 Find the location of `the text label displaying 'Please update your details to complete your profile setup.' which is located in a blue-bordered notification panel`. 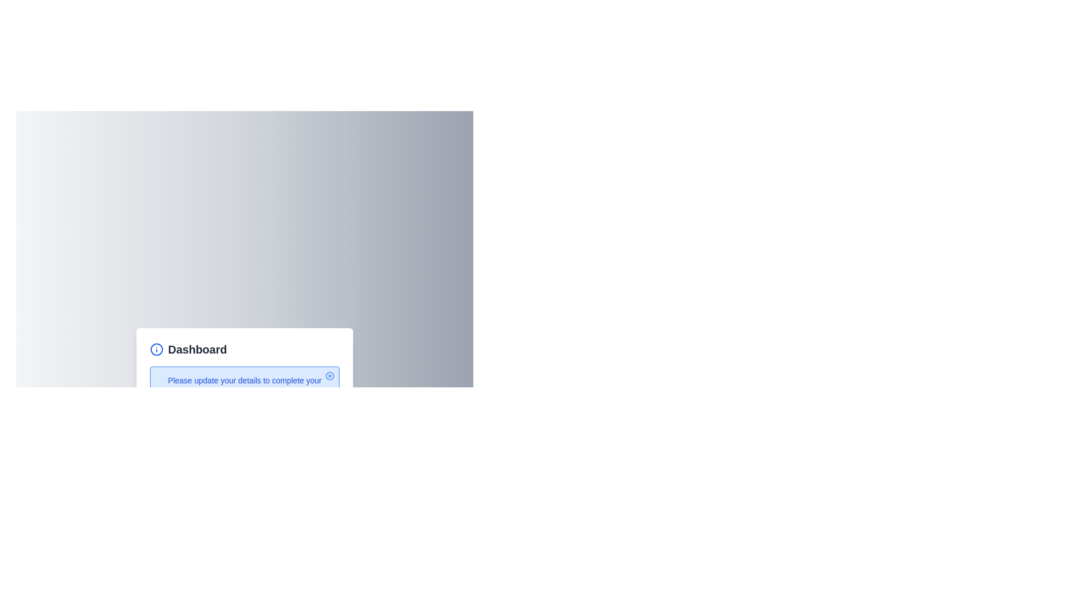

the text label displaying 'Please update your details to complete your profile setup.' which is located in a blue-bordered notification panel is located at coordinates (244, 386).